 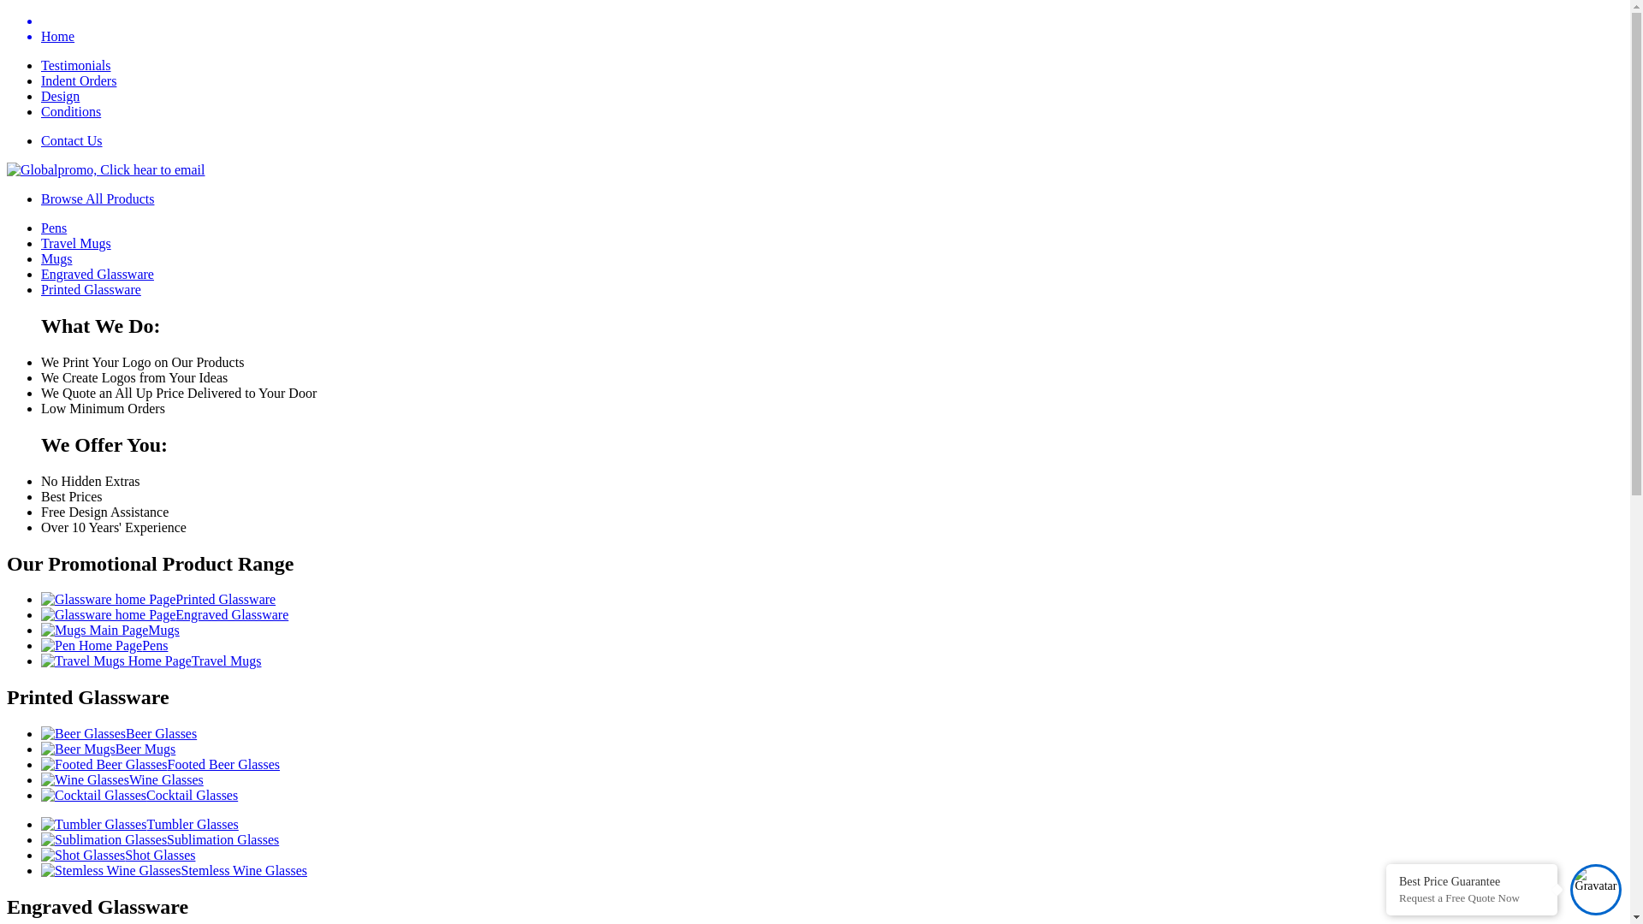 I want to click on 'Wine Glasses', so click(x=122, y=779).